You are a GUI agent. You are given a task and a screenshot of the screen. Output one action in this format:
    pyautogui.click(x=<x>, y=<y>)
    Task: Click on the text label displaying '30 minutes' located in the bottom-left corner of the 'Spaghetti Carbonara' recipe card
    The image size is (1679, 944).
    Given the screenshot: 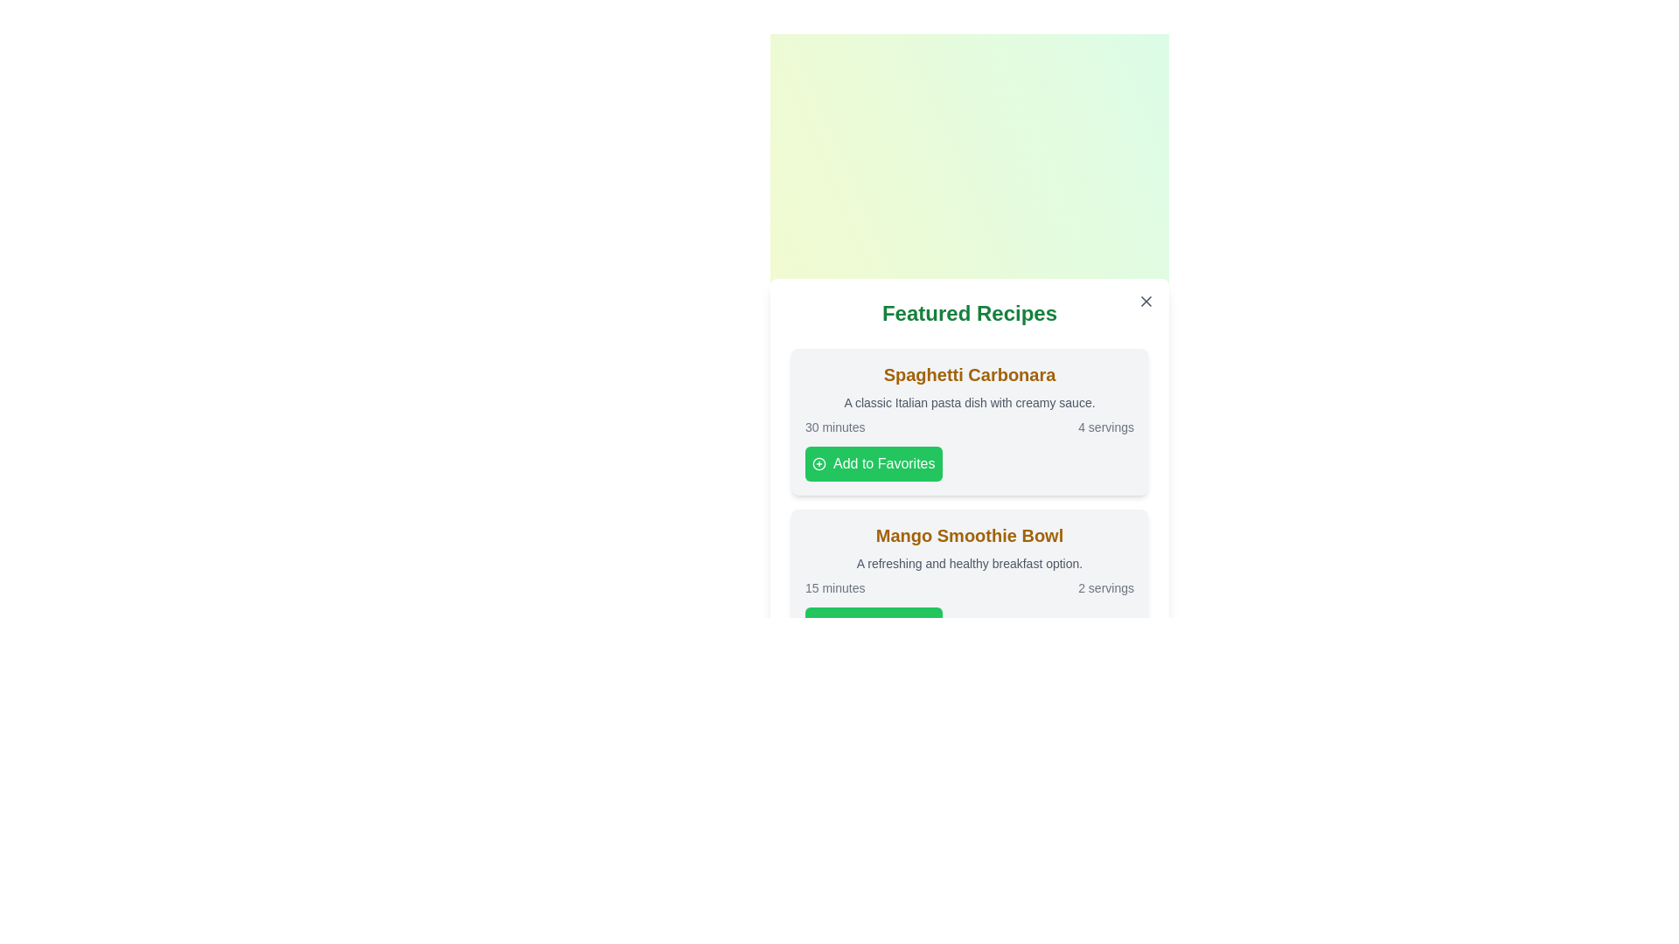 What is the action you would take?
    pyautogui.click(x=834, y=427)
    